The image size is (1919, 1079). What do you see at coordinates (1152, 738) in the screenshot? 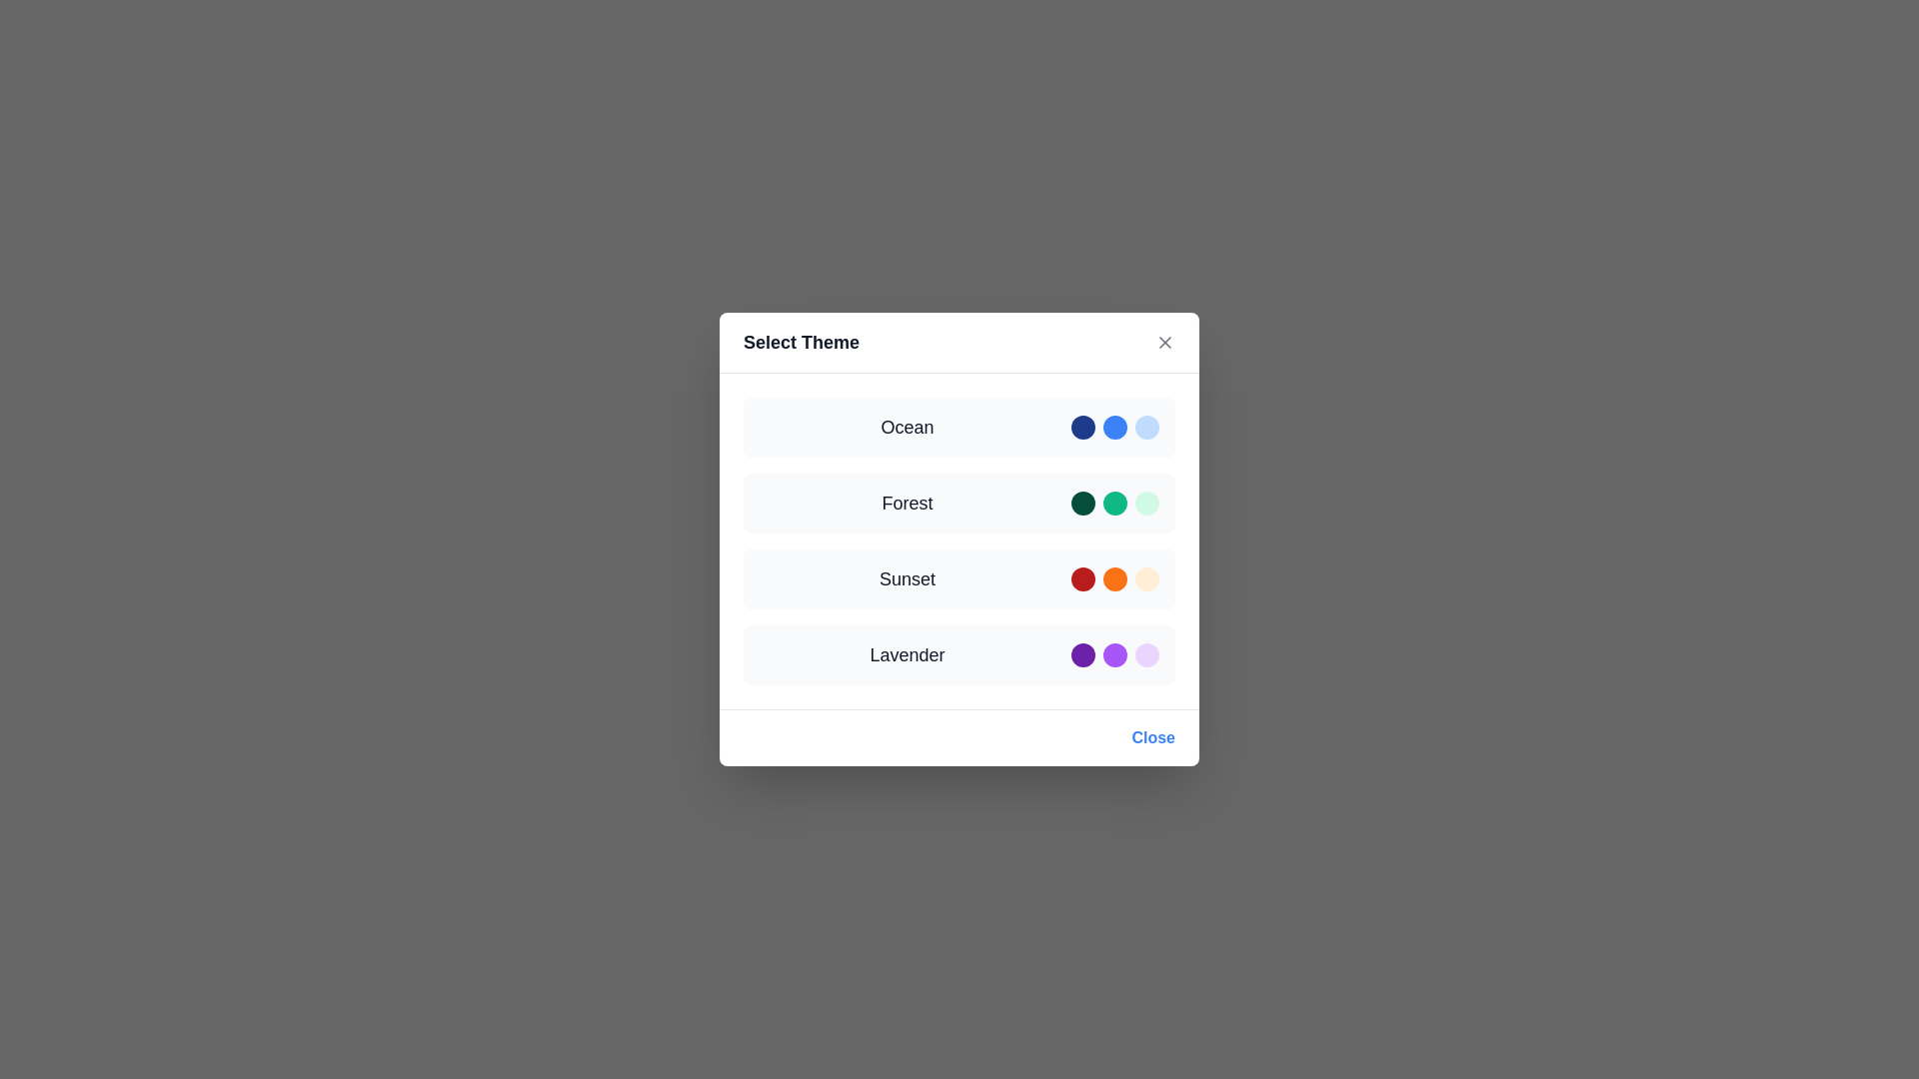
I see `the "Close" button to close the dialog` at bounding box center [1152, 738].